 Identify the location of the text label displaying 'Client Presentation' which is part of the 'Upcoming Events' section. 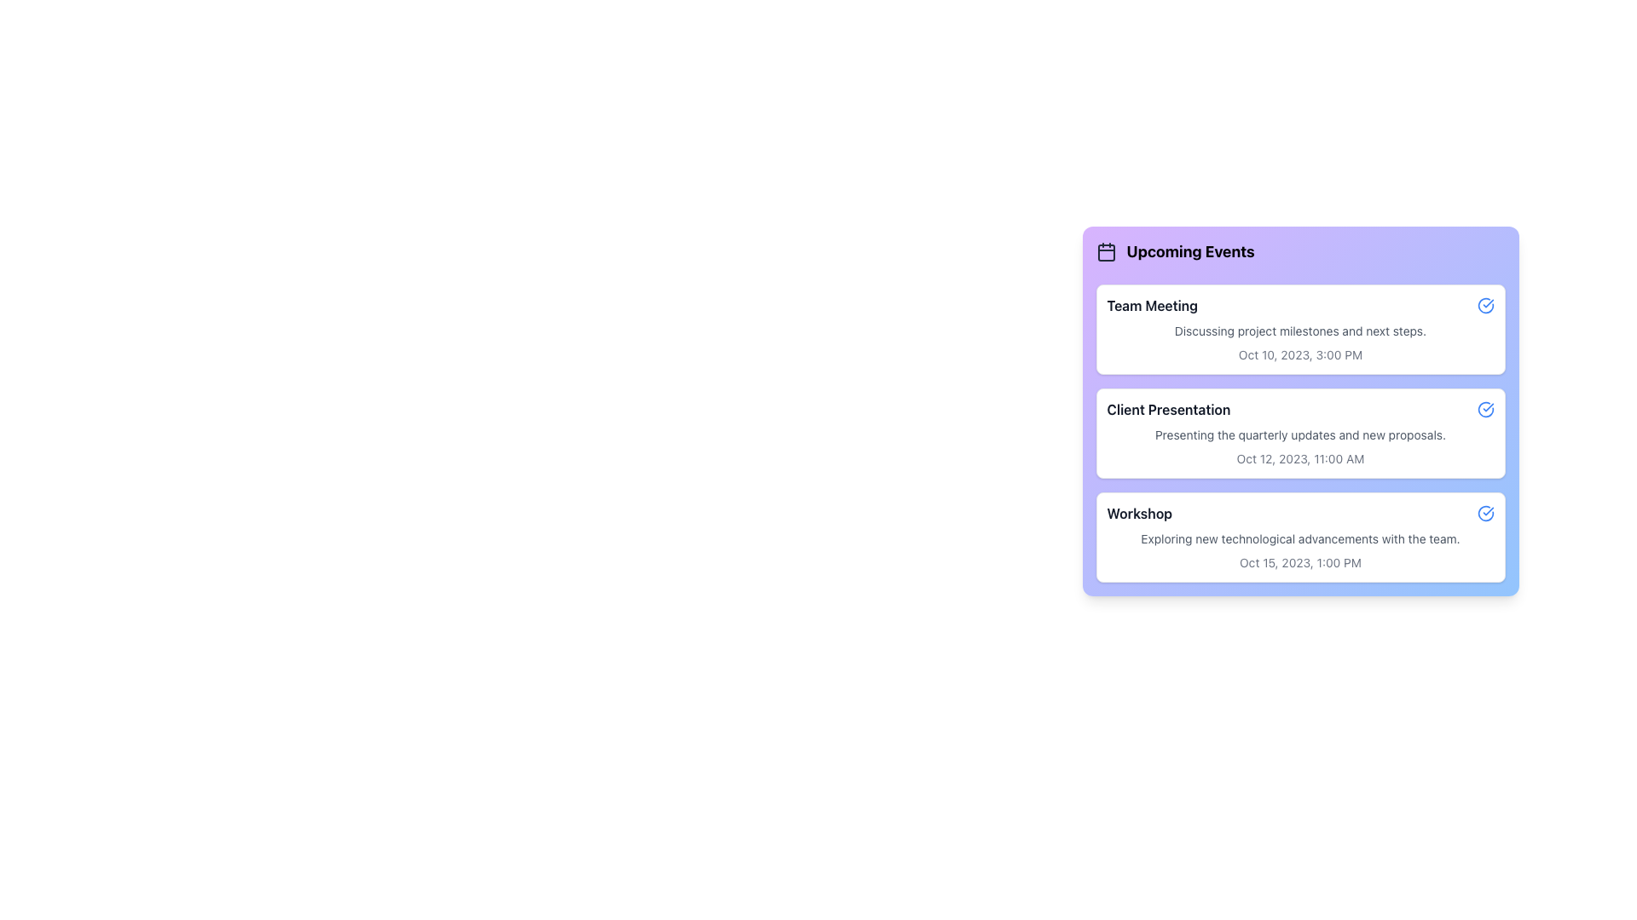
(1168, 410).